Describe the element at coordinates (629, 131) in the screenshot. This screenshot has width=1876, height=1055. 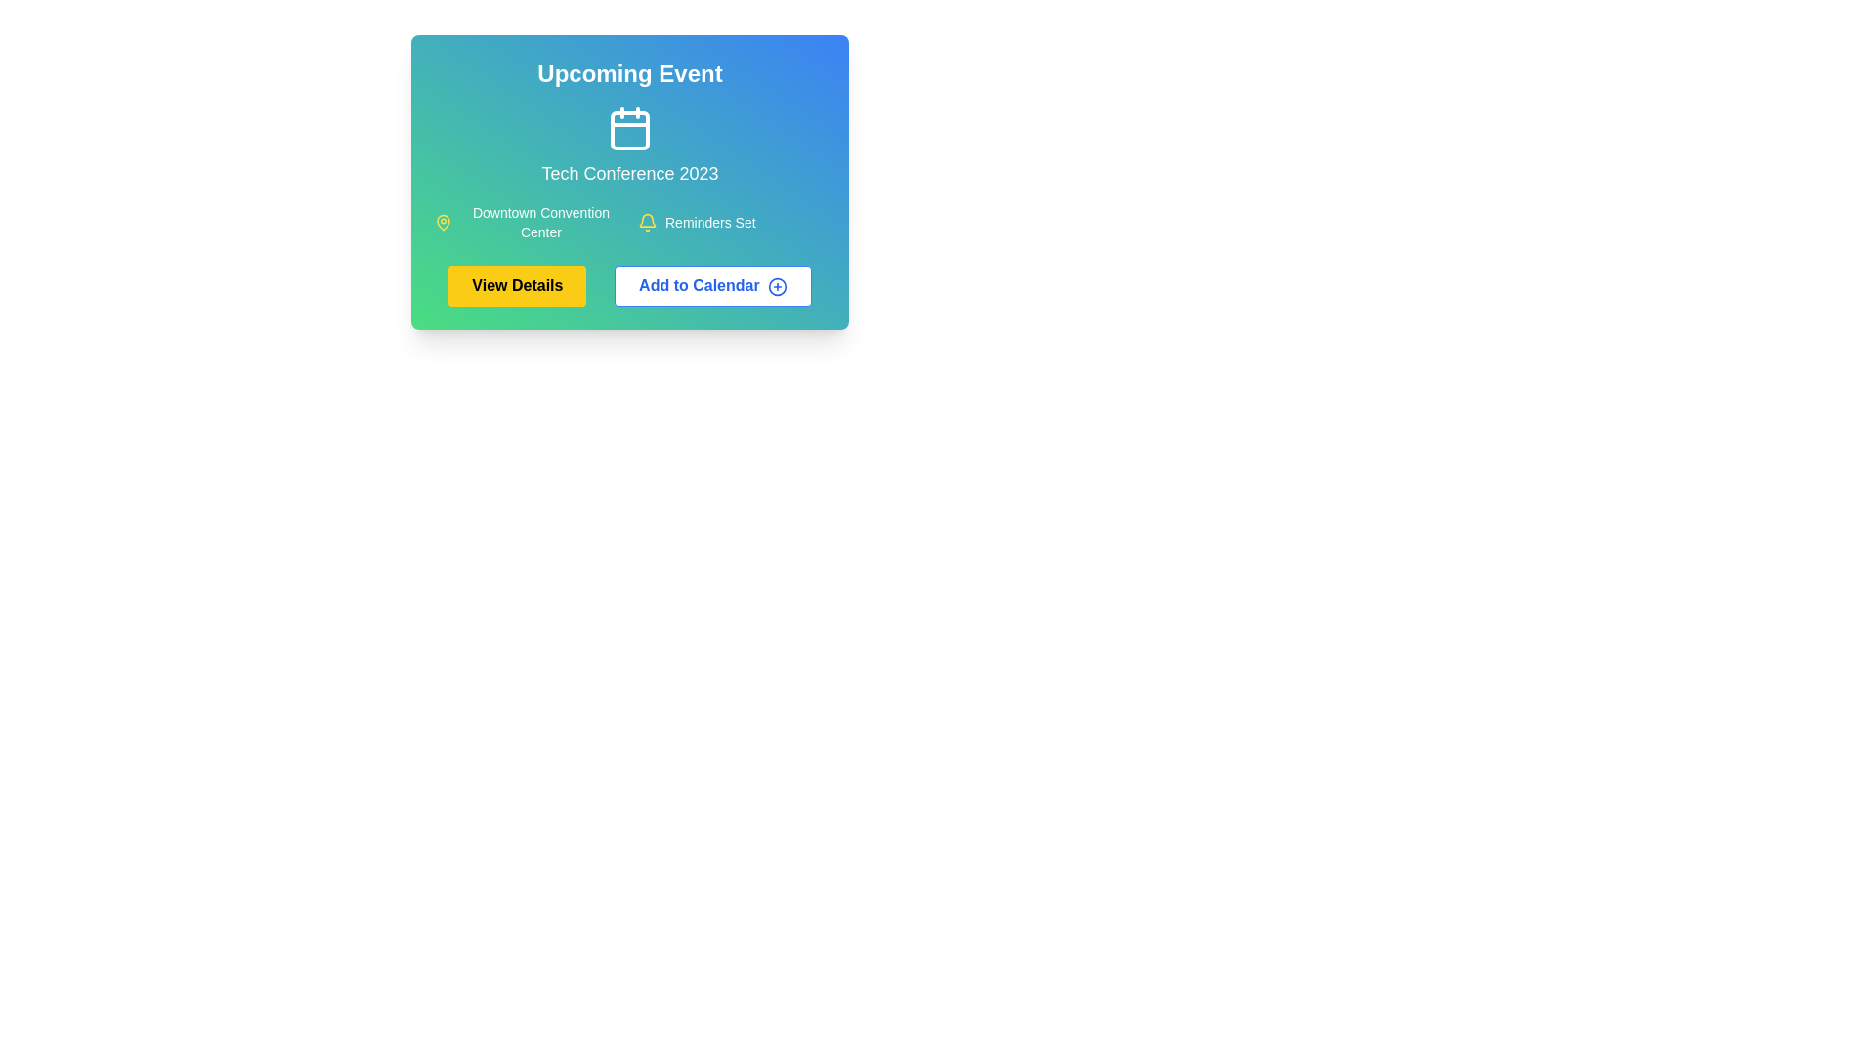
I see `the decorative graphical element that is centrally located within the calendar icon at the top-center of the 'Upcoming Event' card` at that location.